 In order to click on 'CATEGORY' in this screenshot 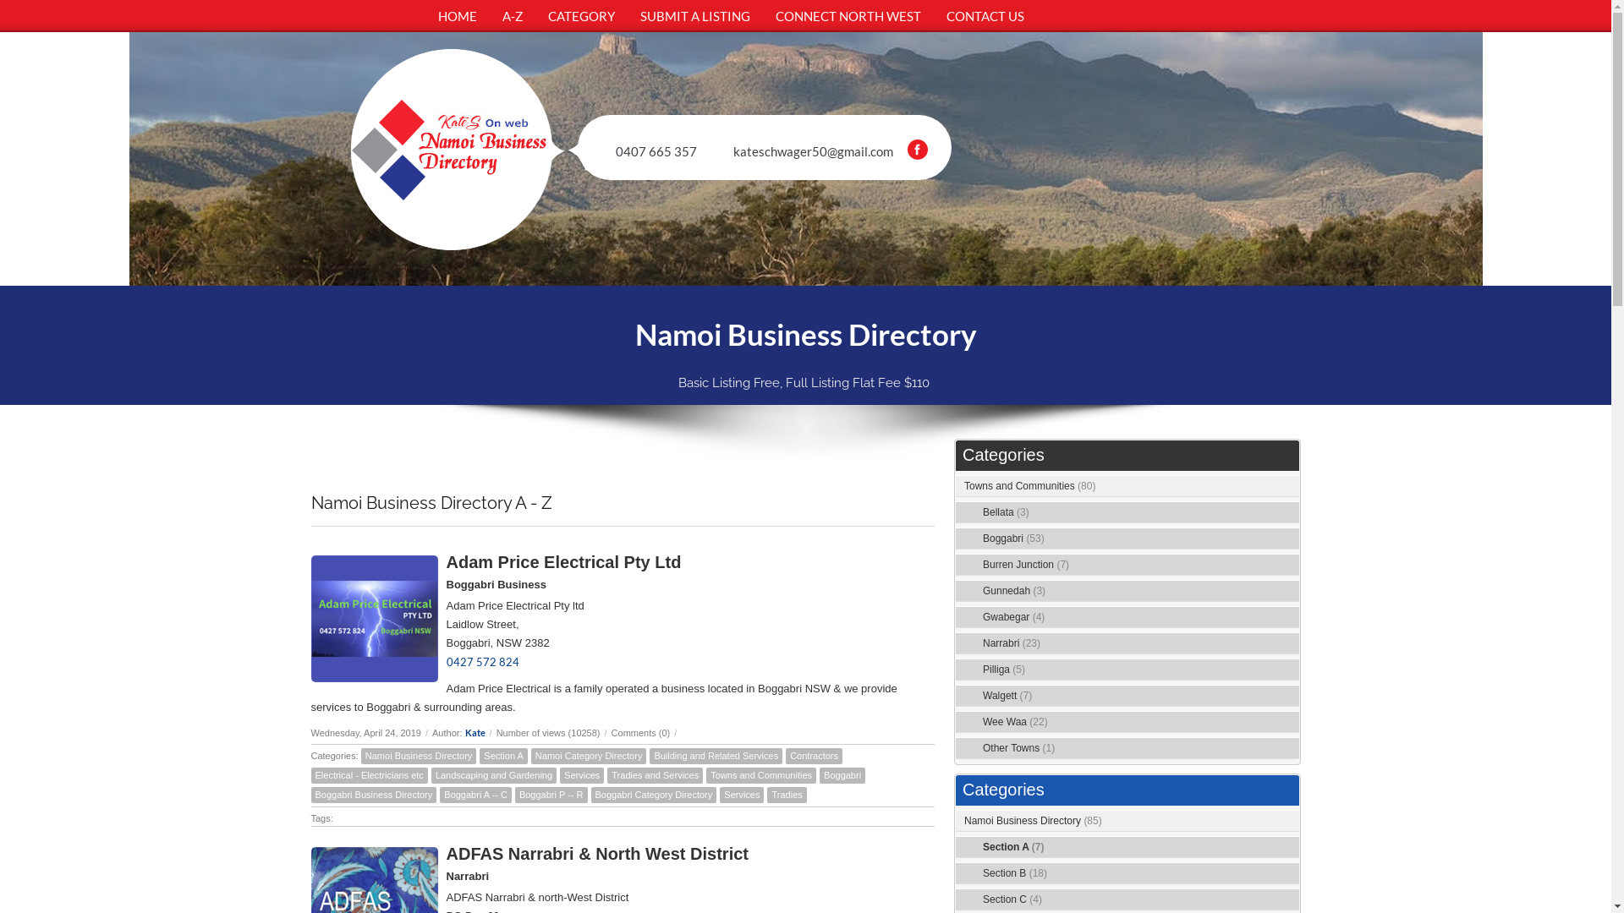, I will do `click(580, 16)`.